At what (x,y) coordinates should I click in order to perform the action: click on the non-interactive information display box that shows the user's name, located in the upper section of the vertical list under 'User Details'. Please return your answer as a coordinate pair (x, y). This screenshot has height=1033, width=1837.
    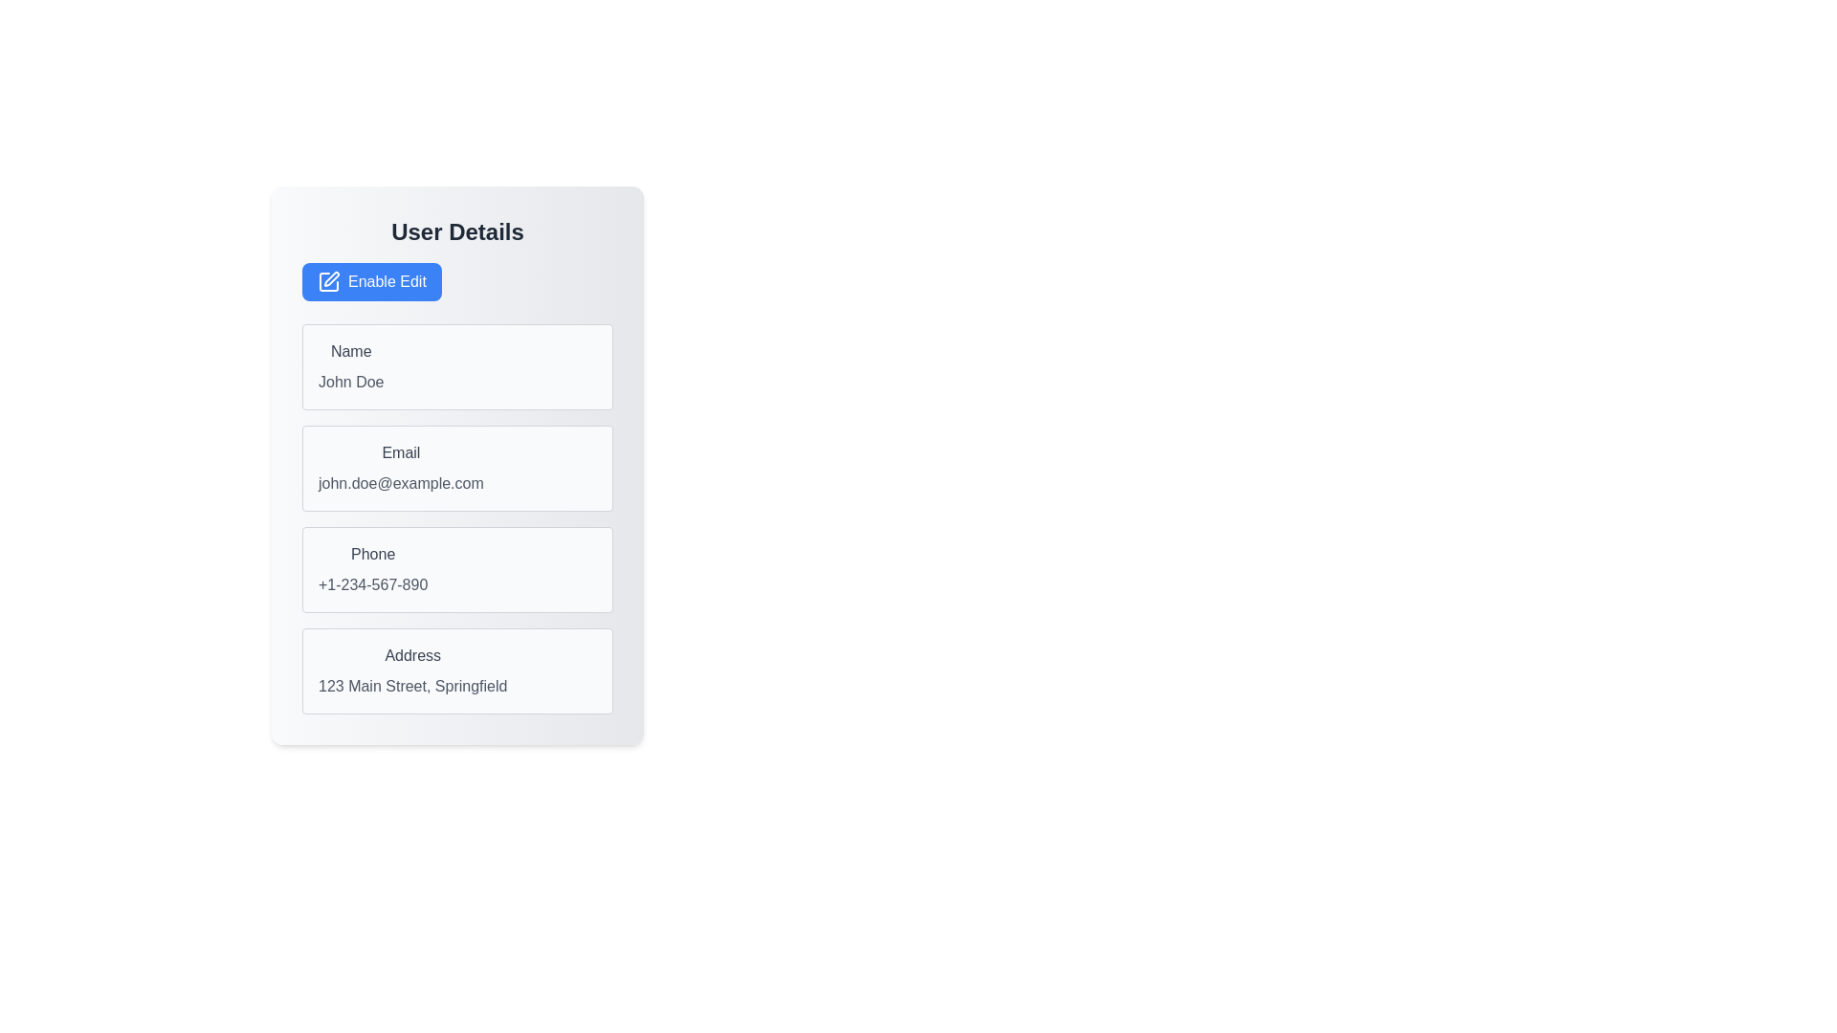
    Looking at the image, I should click on (456, 367).